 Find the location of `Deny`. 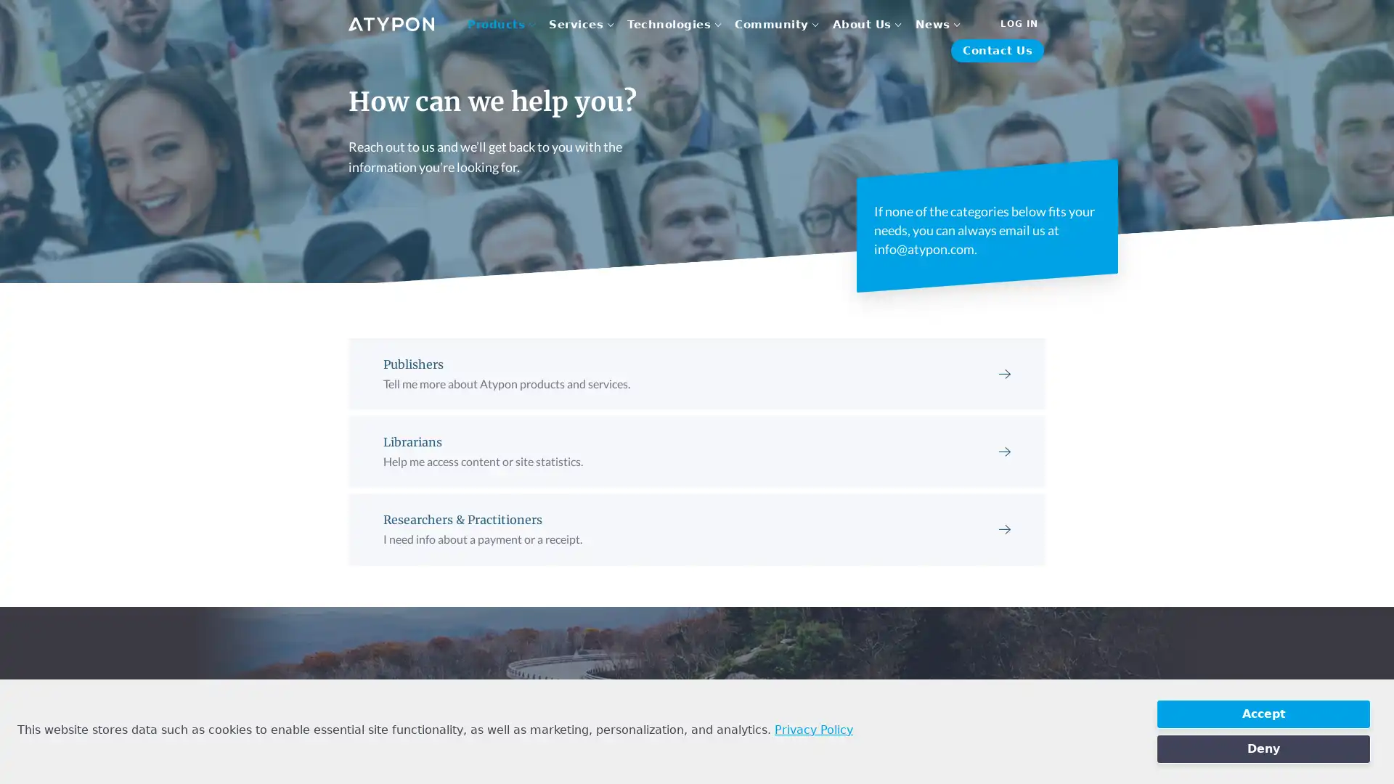

Deny is located at coordinates (1263, 749).